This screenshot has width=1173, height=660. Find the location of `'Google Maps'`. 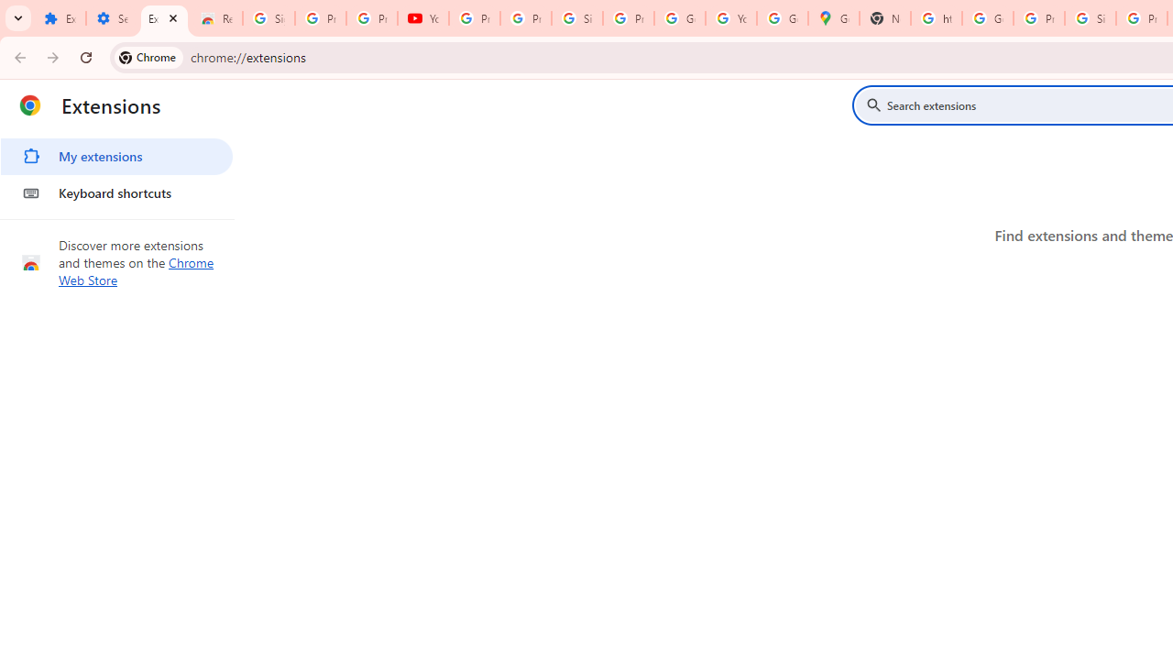

'Google Maps' is located at coordinates (833, 18).